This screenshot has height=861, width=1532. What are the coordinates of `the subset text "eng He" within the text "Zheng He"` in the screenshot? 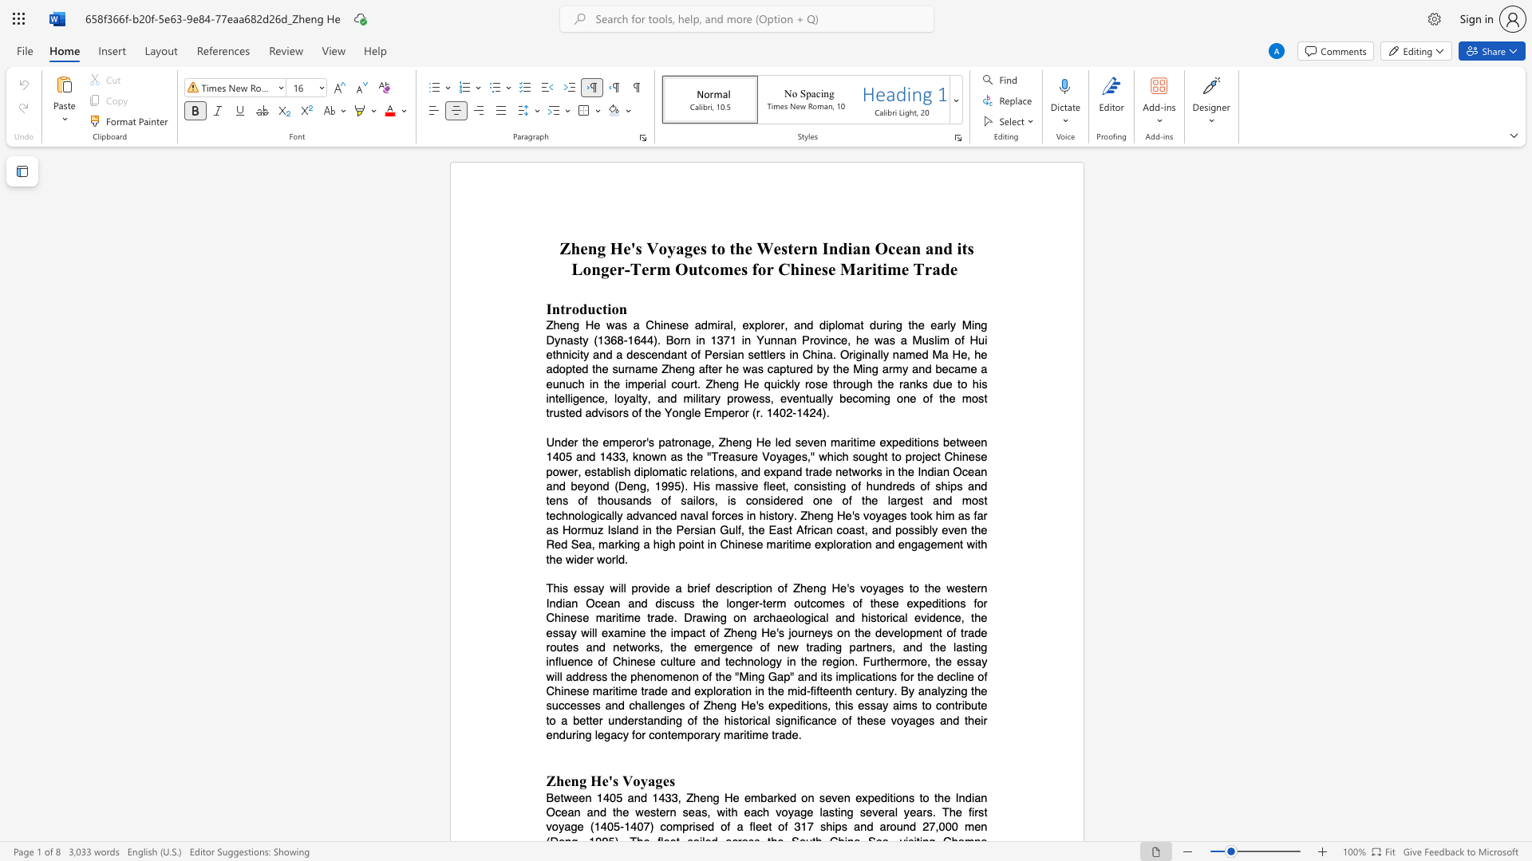 It's located at (579, 249).